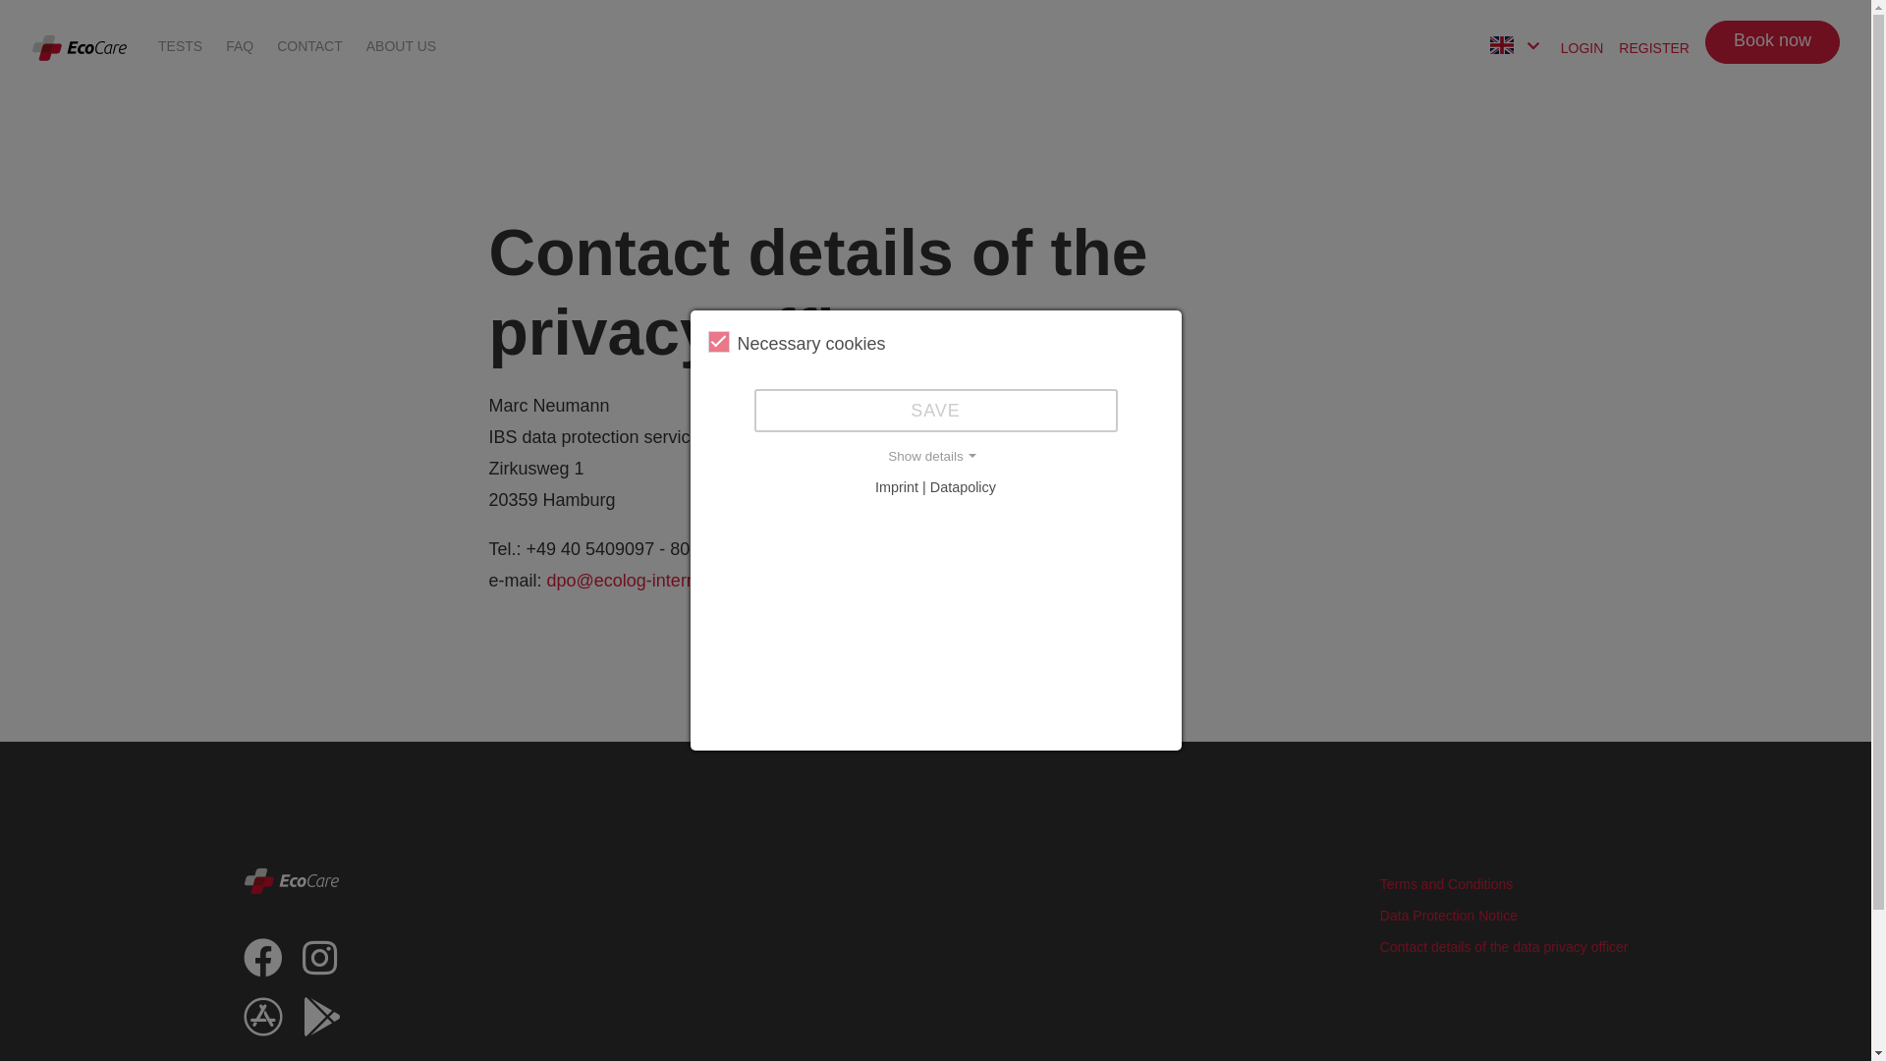 The height and width of the screenshot is (1061, 1886). I want to click on 'SAVE', so click(935, 409).